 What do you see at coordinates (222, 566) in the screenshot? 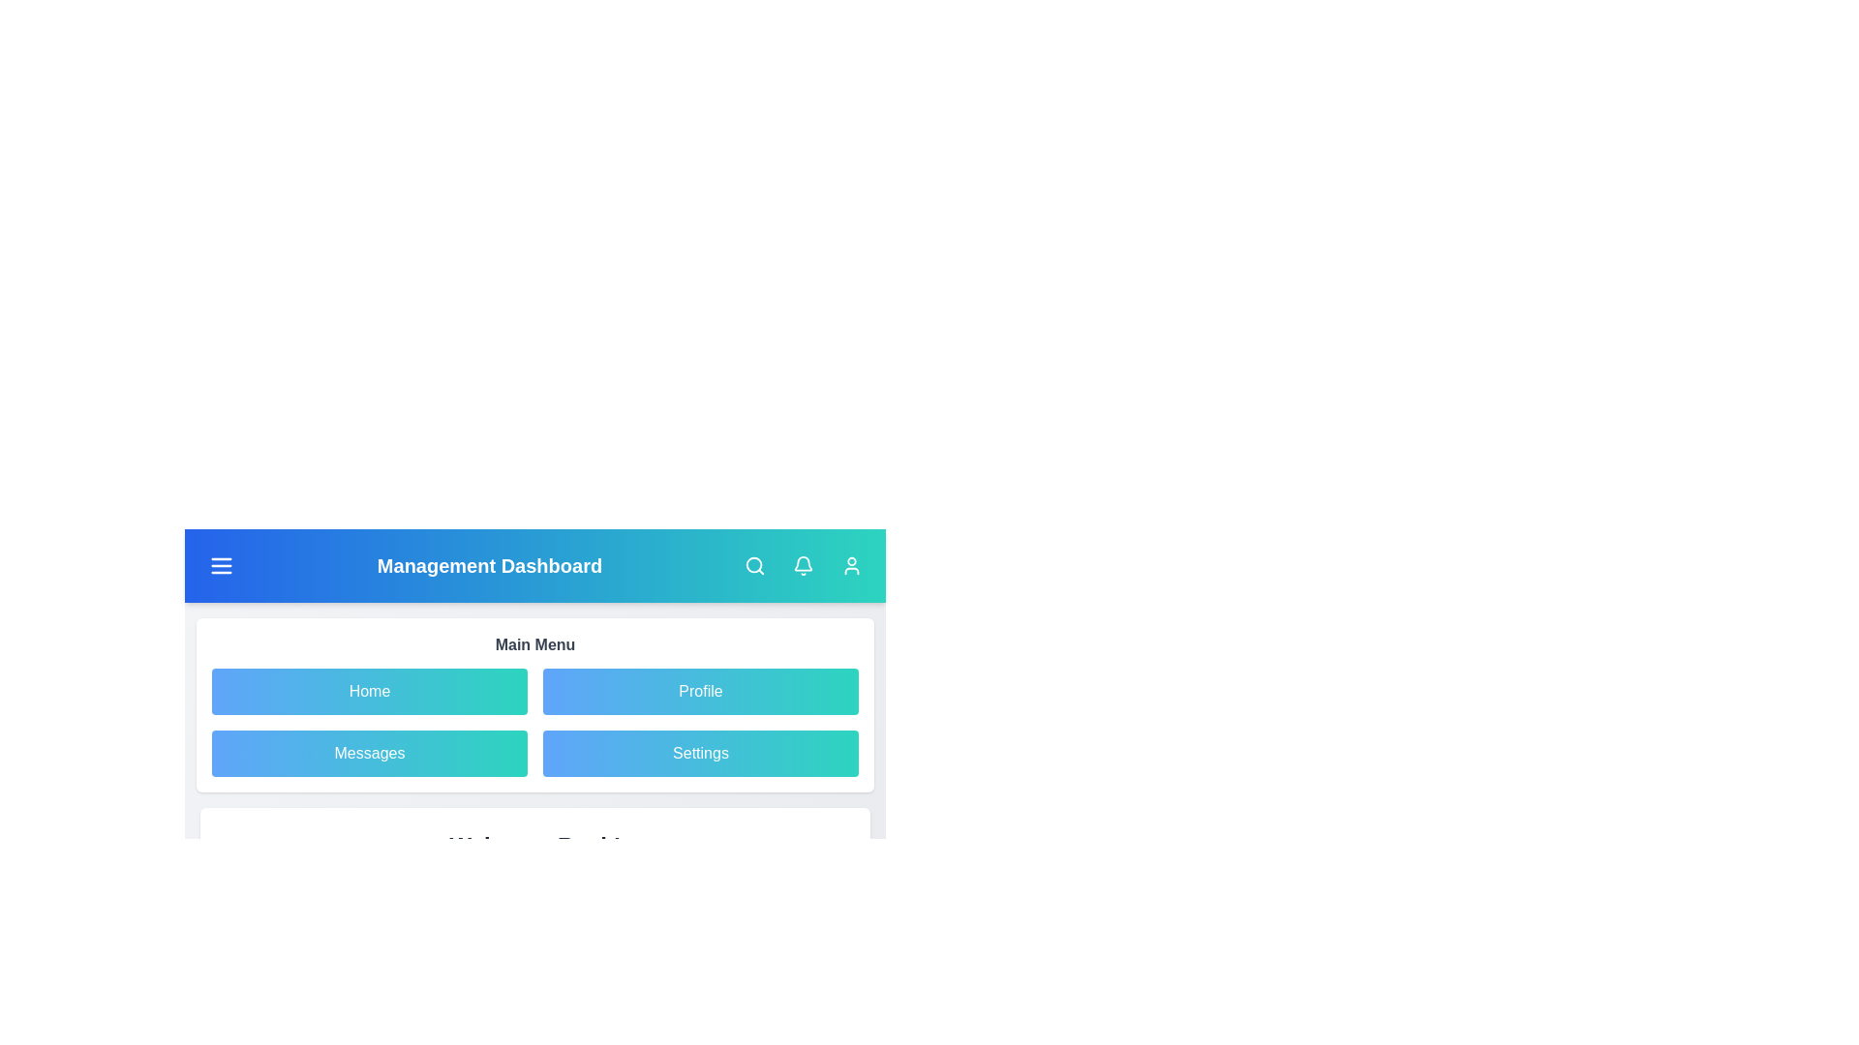
I see `menu button to toggle the visibility of the side menu` at bounding box center [222, 566].